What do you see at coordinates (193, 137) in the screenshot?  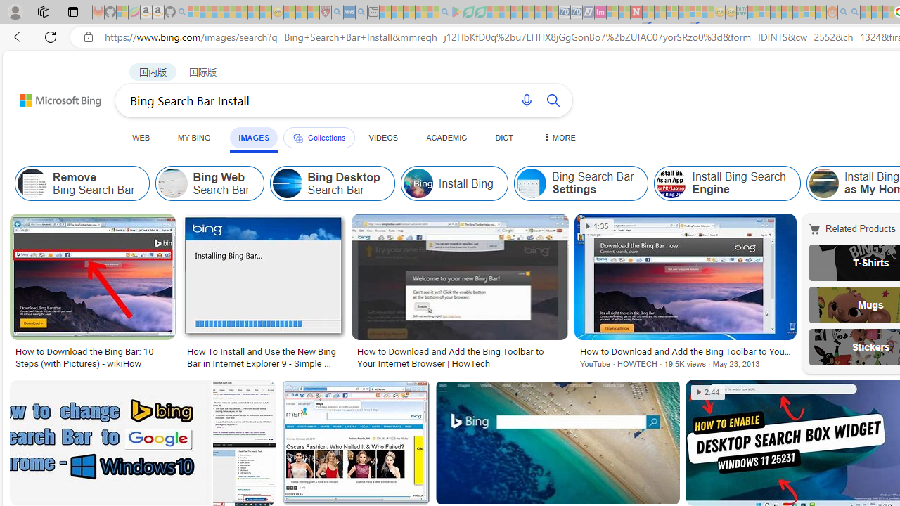 I see `'MY BING'` at bounding box center [193, 137].